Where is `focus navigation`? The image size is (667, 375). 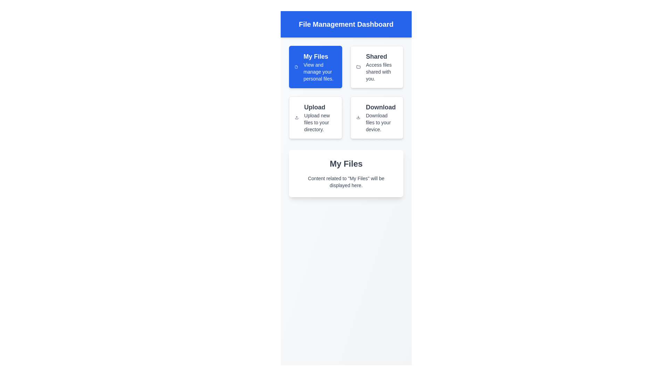 focus navigation is located at coordinates (320, 72).